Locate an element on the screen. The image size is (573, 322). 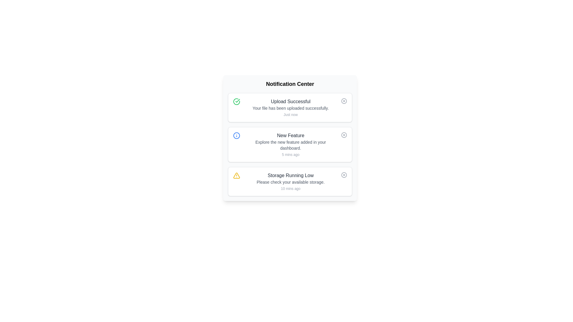
the Circle SVG element that serves as a 'close' or 'dismiss' button for notifications located to the right of the 'New Feature' notification text in the Notification Center is located at coordinates (344, 135).